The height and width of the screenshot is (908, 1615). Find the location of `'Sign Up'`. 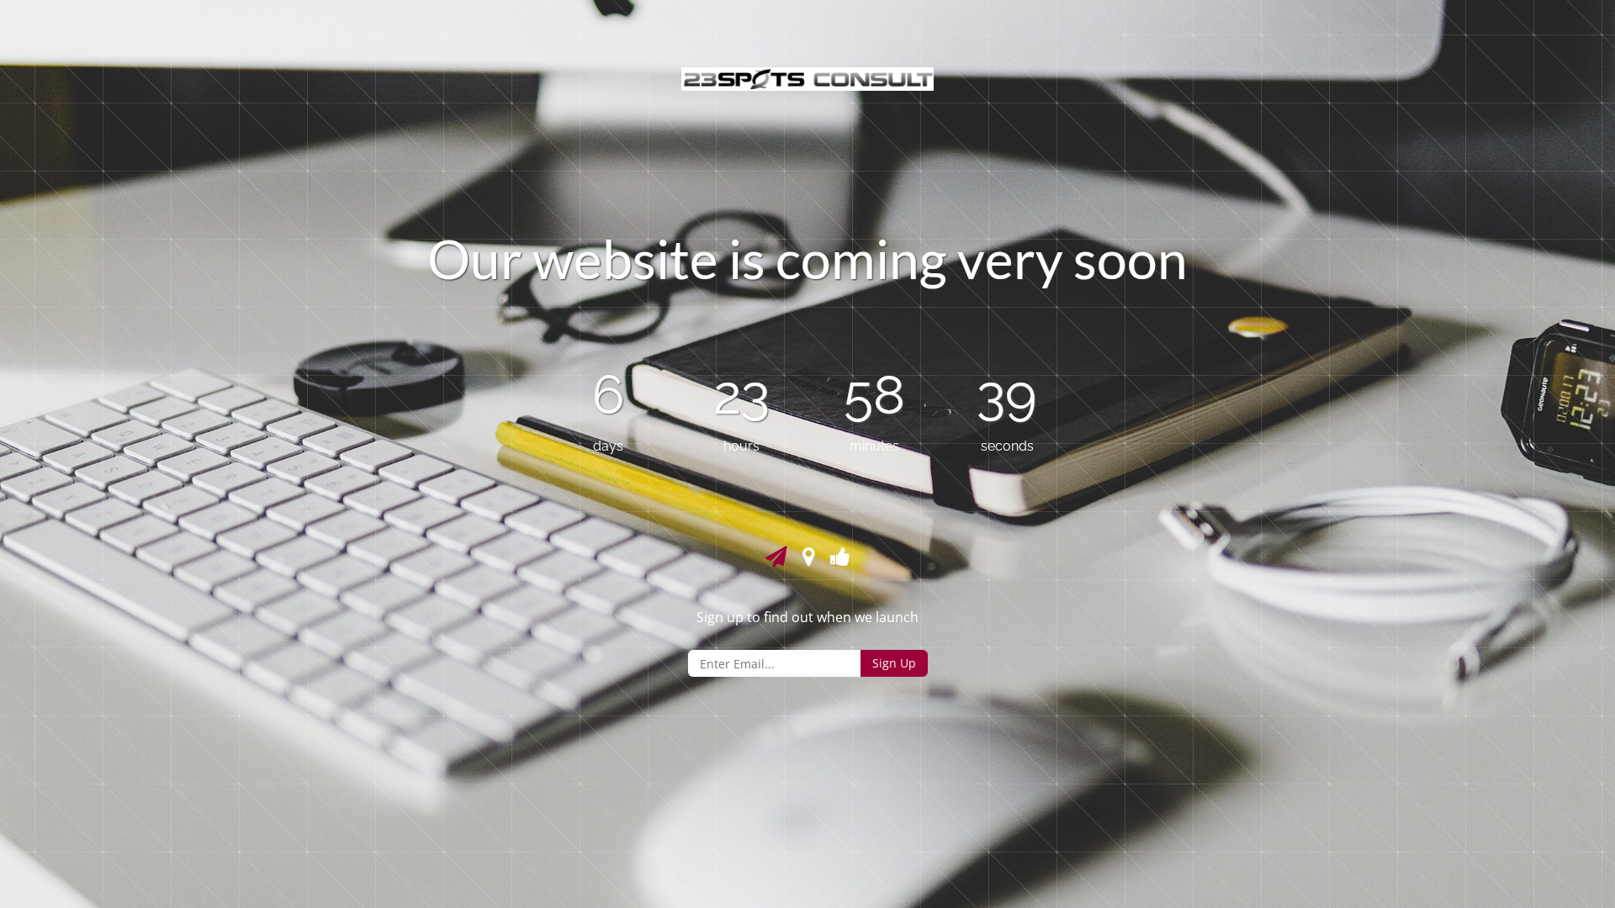

'Sign Up' is located at coordinates (860, 663).